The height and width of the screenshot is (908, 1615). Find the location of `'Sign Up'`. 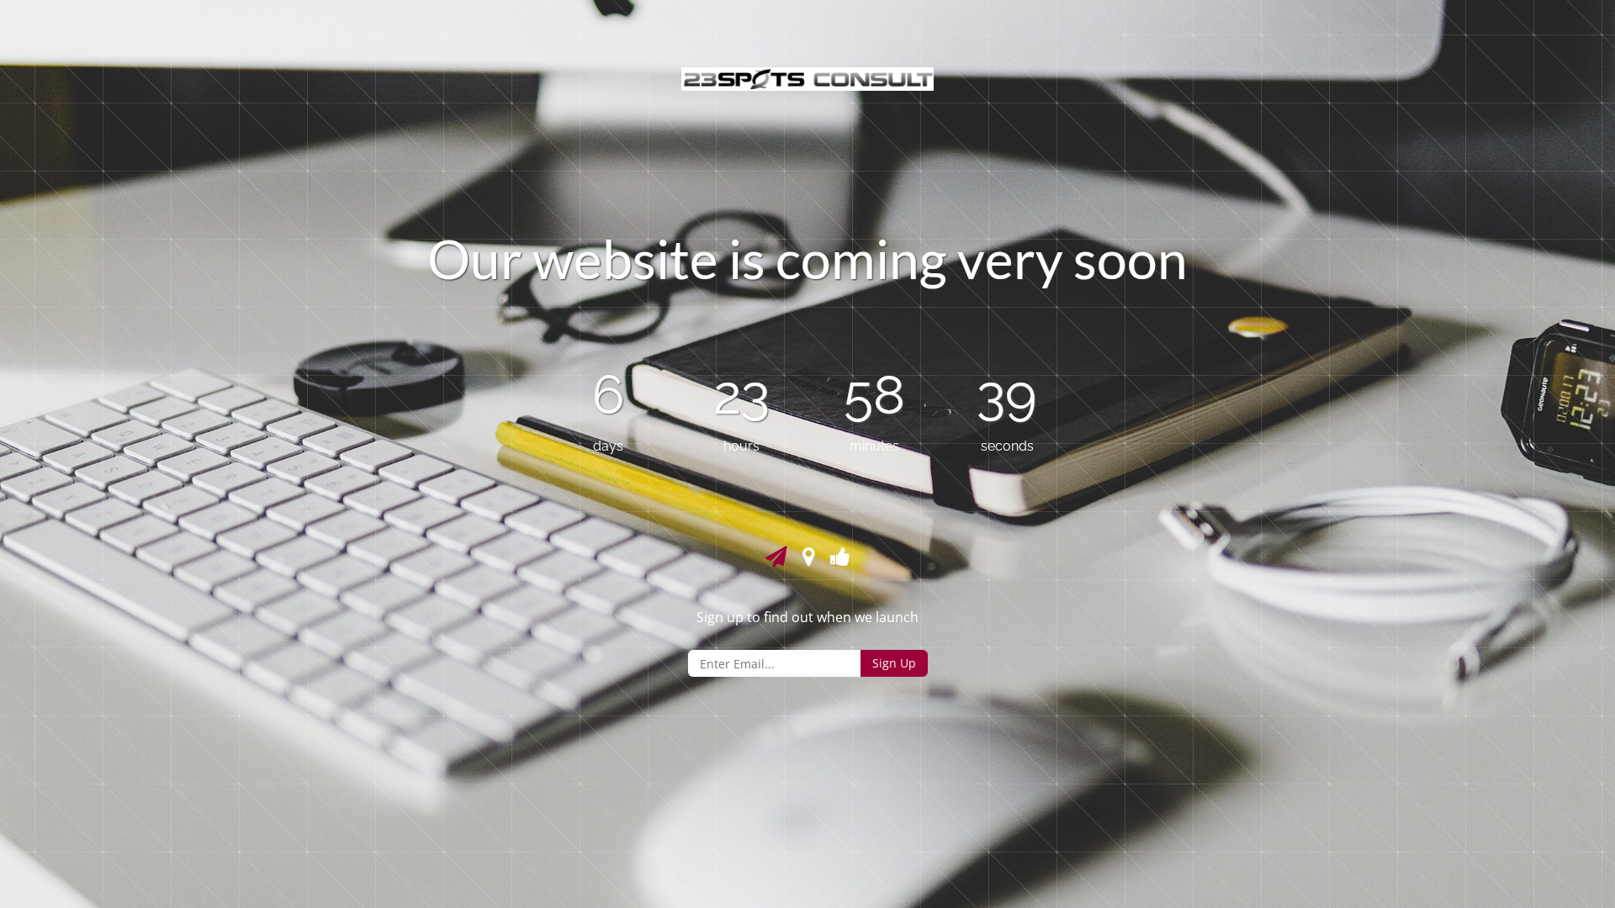

'Sign Up' is located at coordinates (860, 663).